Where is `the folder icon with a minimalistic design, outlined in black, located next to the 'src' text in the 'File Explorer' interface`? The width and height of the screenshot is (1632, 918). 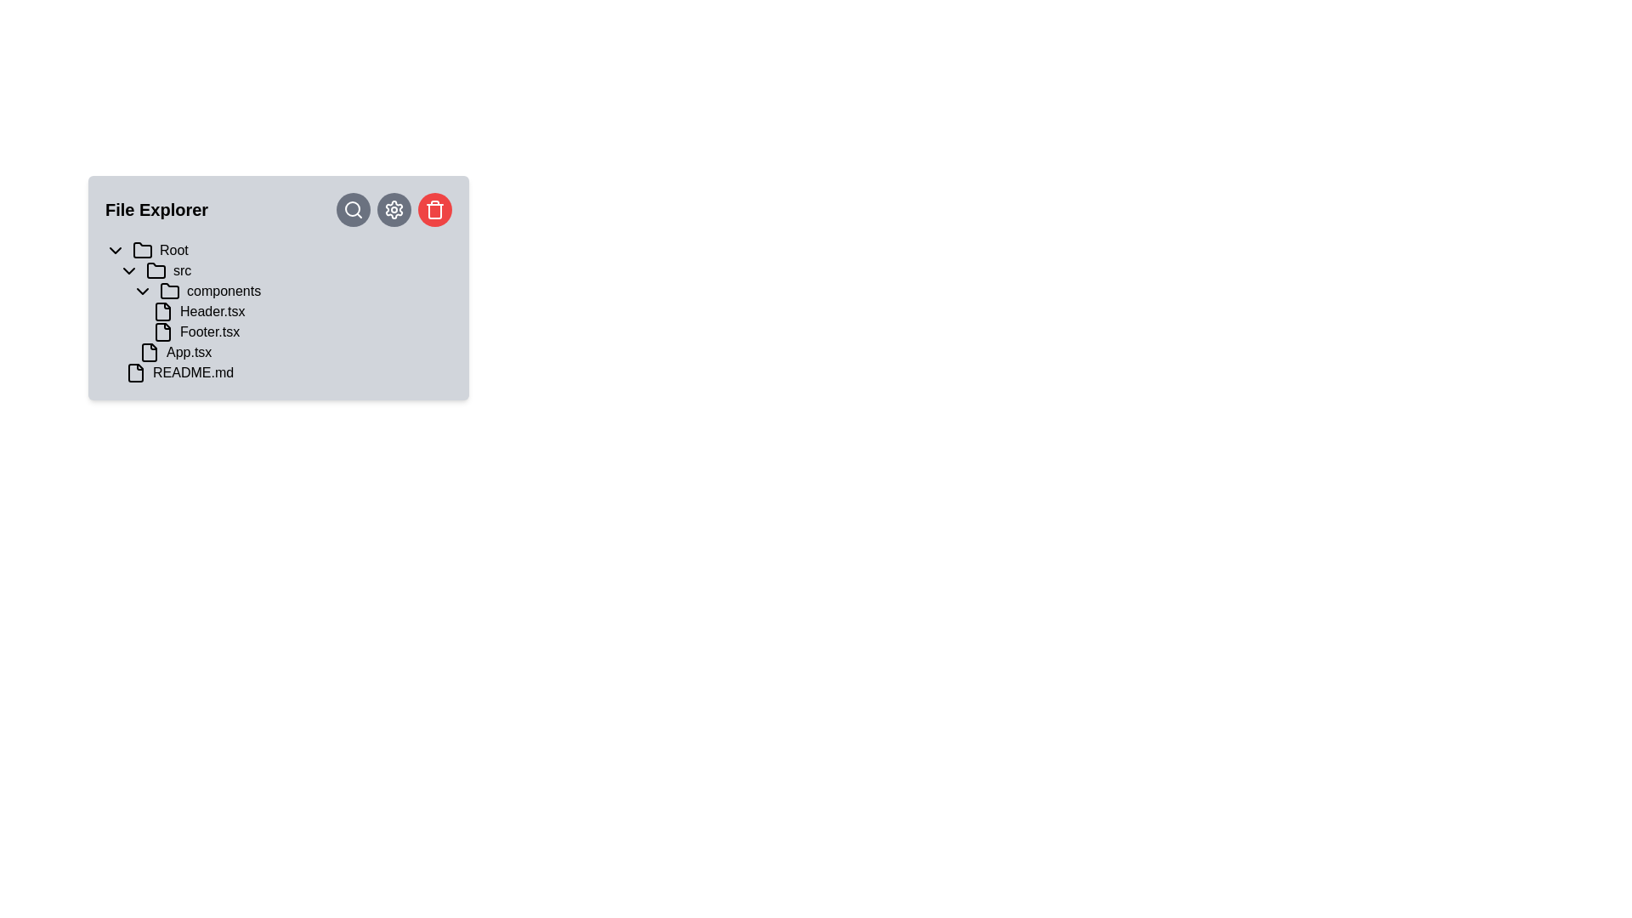 the folder icon with a minimalistic design, outlined in black, located next to the 'src' text in the 'File Explorer' interface is located at coordinates (156, 270).